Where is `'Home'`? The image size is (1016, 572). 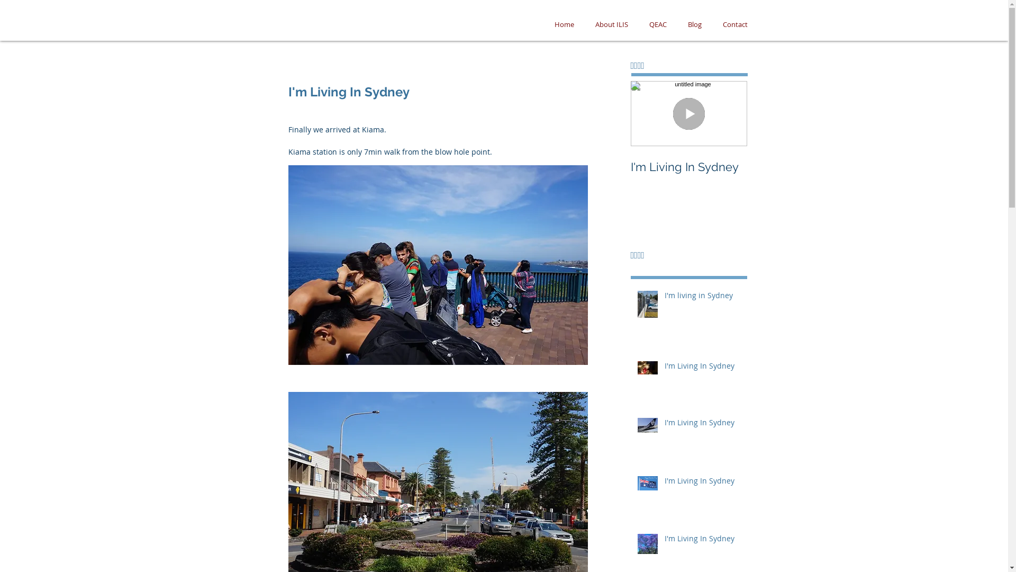 'Home' is located at coordinates (564, 24).